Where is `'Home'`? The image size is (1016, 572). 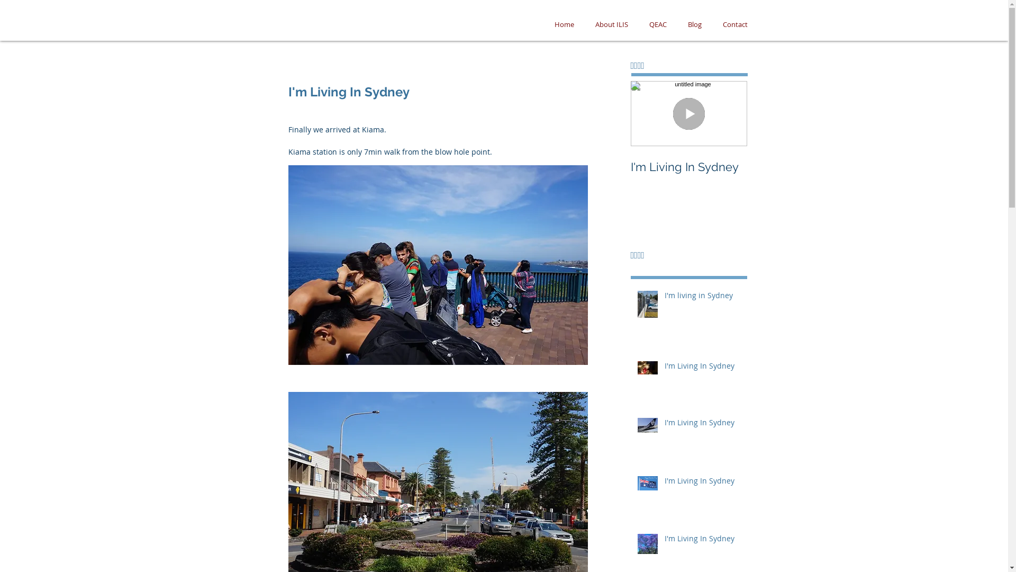 'Home' is located at coordinates (564, 24).